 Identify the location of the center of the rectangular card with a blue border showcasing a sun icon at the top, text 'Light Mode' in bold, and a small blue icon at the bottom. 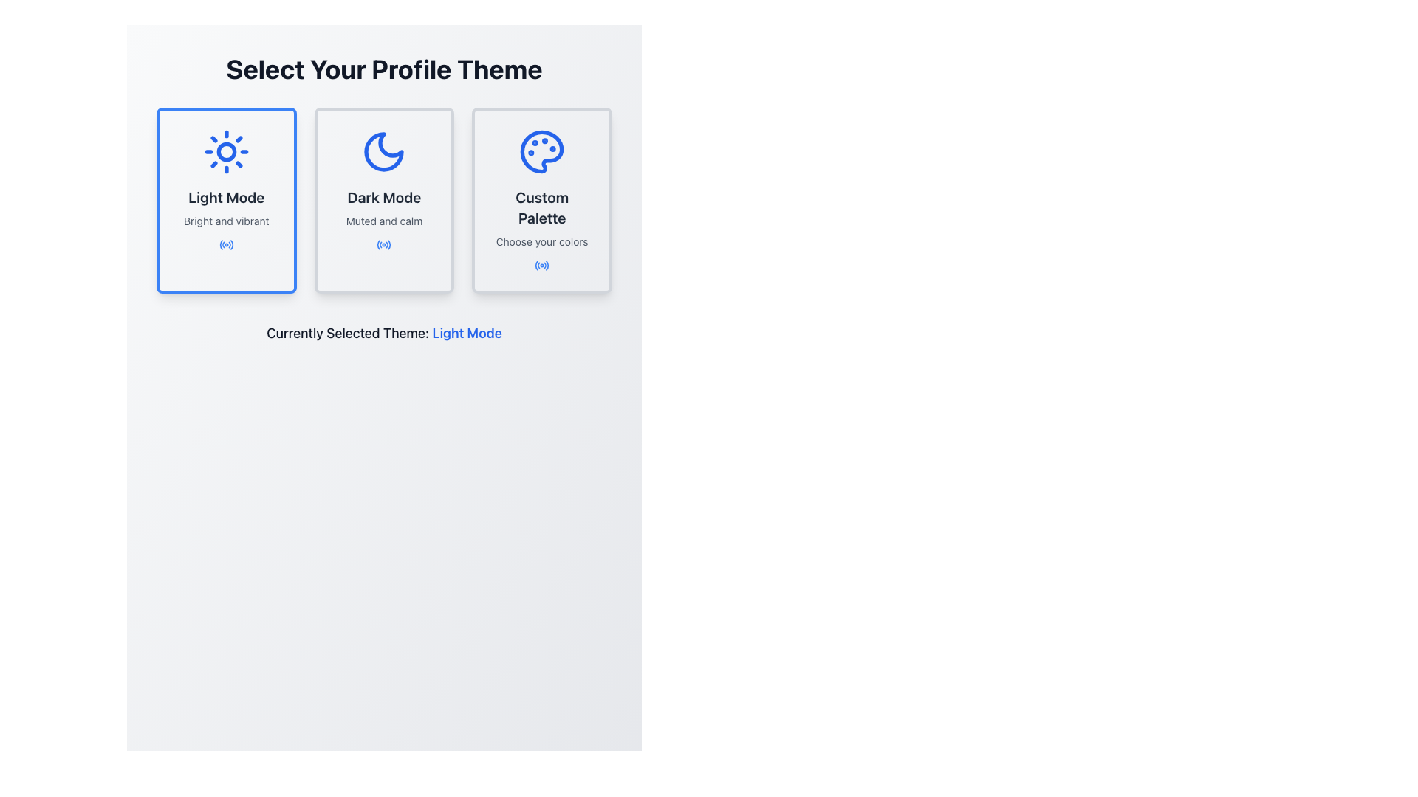
(225, 201).